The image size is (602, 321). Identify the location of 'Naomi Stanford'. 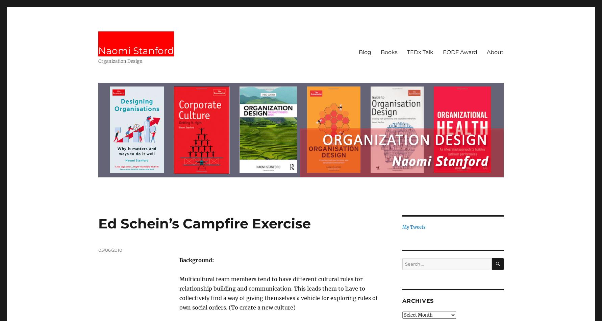
(136, 51).